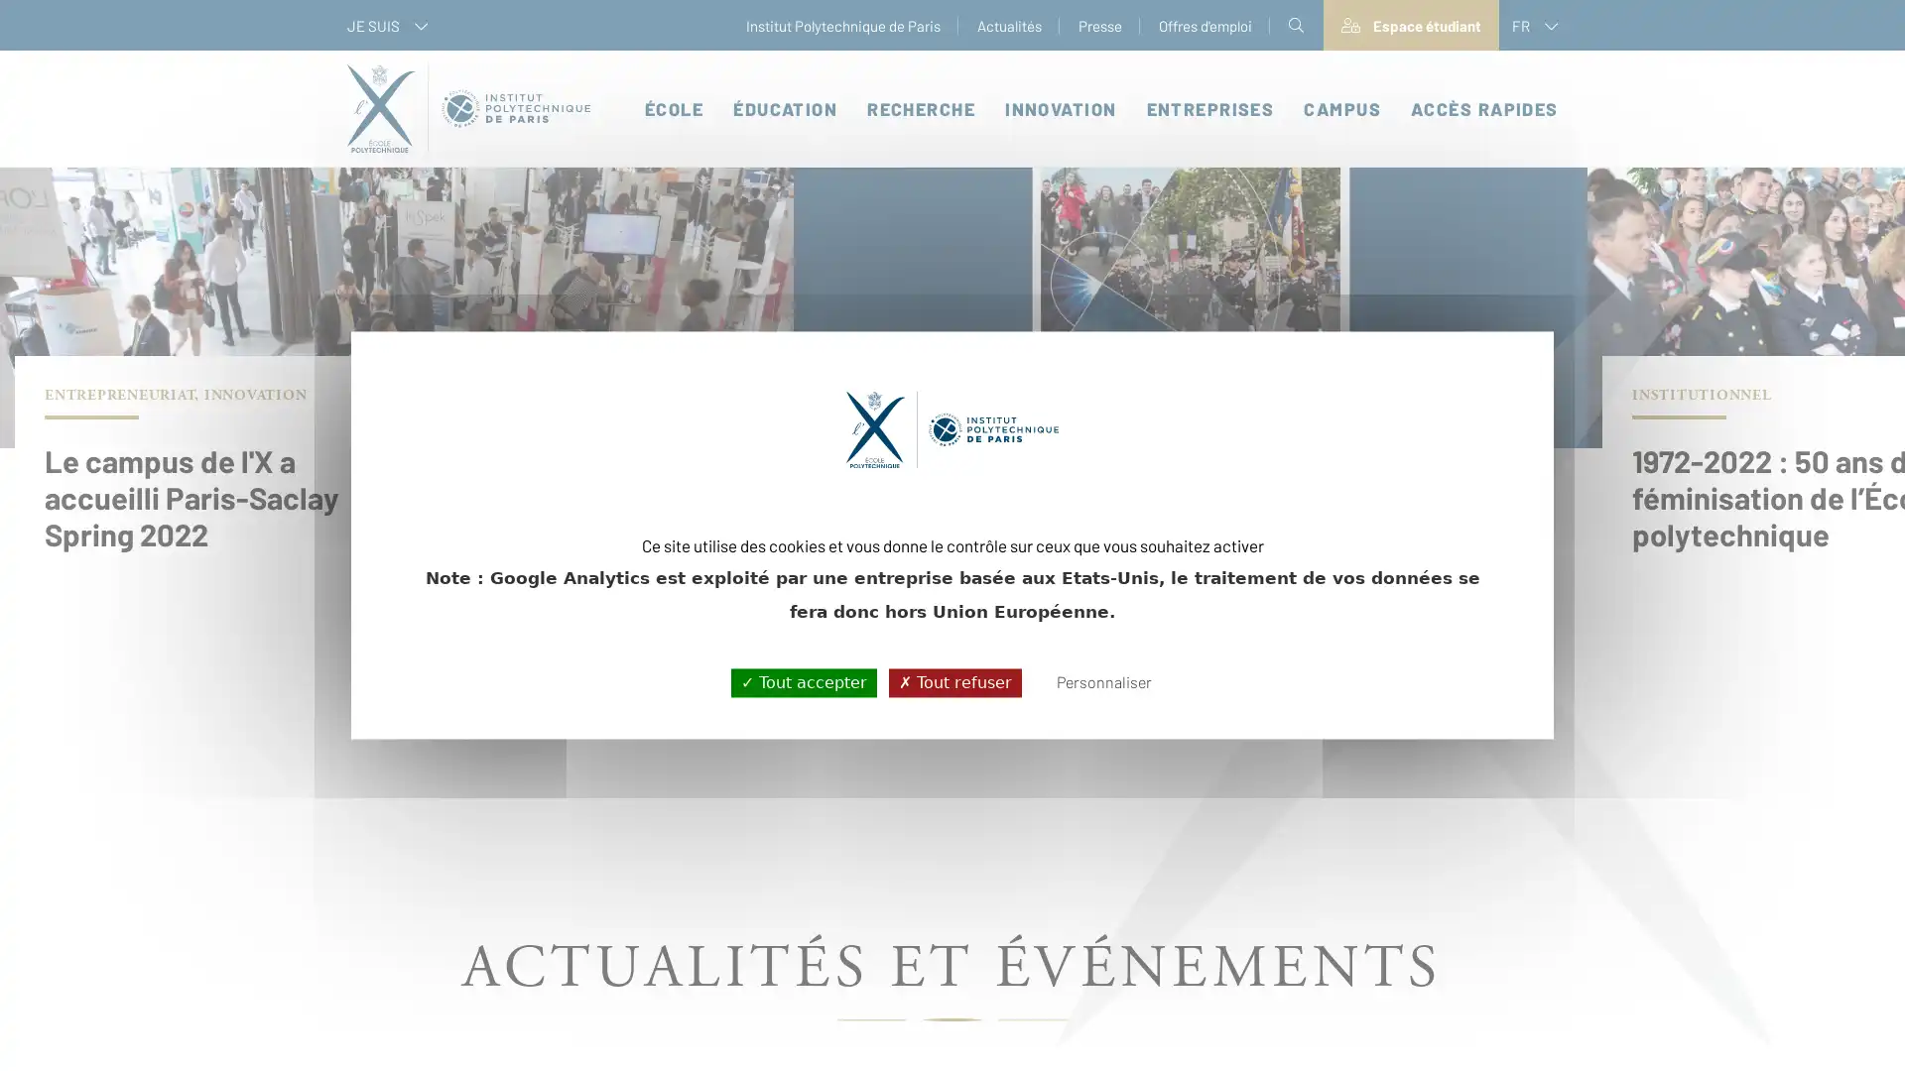 Image resolution: width=1905 pixels, height=1071 pixels. What do you see at coordinates (953, 681) in the screenshot?
I see `Tout refuser` at bounding box center [953, 681].